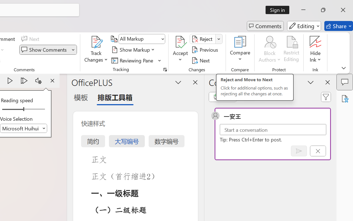  I want to click on 'Track Changes', so click(96, 49).